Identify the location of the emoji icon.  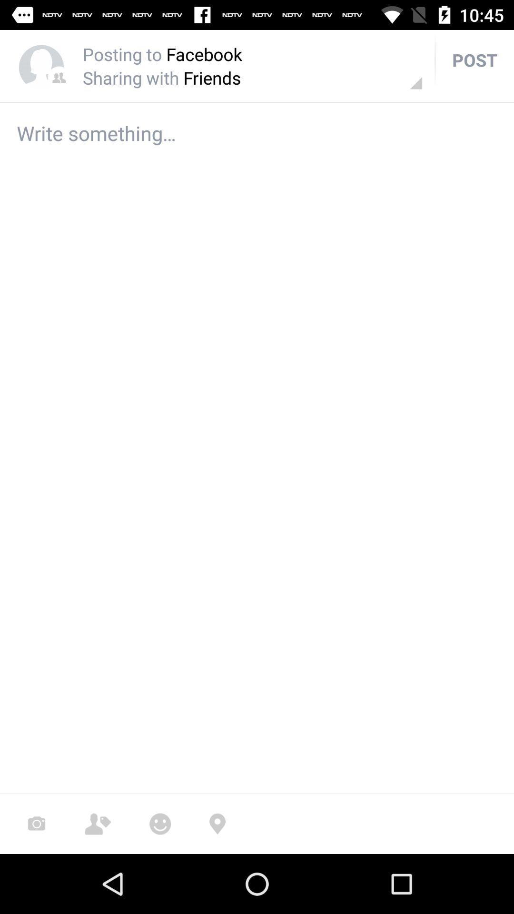
(159, 824).